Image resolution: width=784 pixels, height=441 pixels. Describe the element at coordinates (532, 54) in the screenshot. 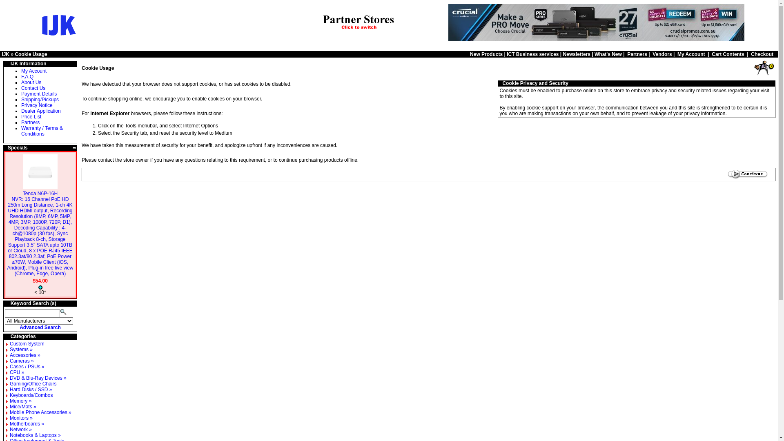

I see `'ICT Business services'` at that location.